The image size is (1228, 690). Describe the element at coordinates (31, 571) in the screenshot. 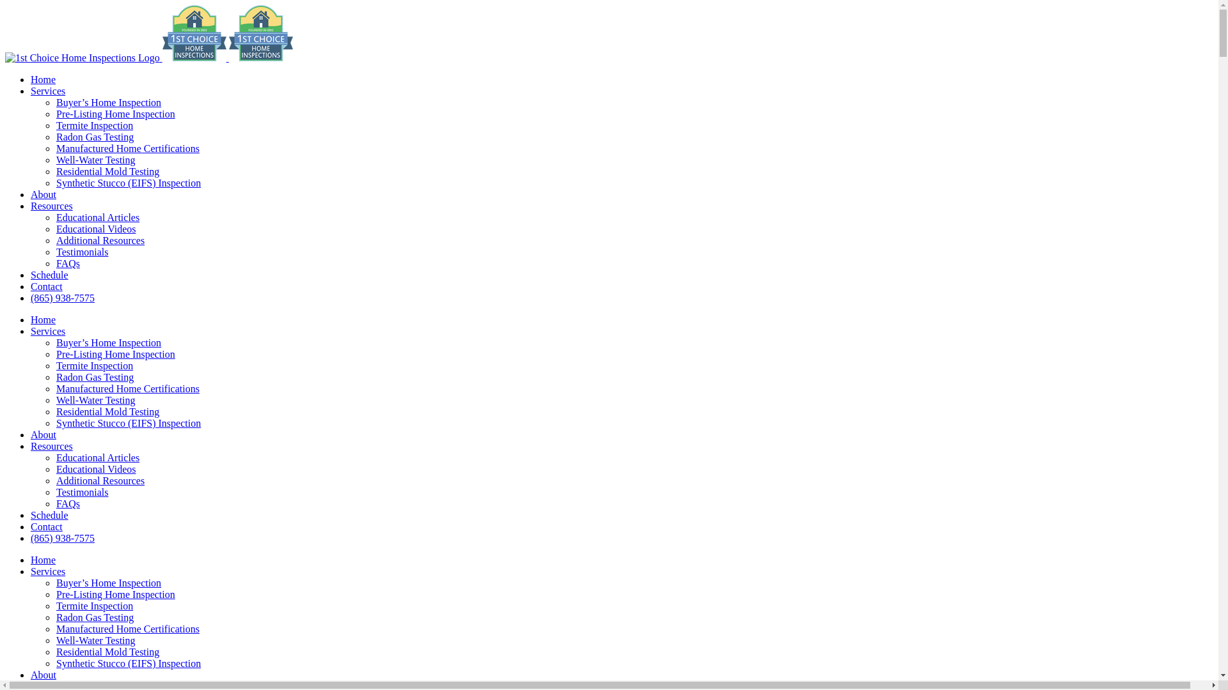

I see `'Services'` at that location.